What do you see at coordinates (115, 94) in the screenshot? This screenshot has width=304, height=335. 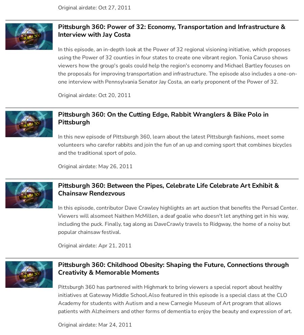 I see `'Oct 20, 2011'` at bounding box center [115, 94].